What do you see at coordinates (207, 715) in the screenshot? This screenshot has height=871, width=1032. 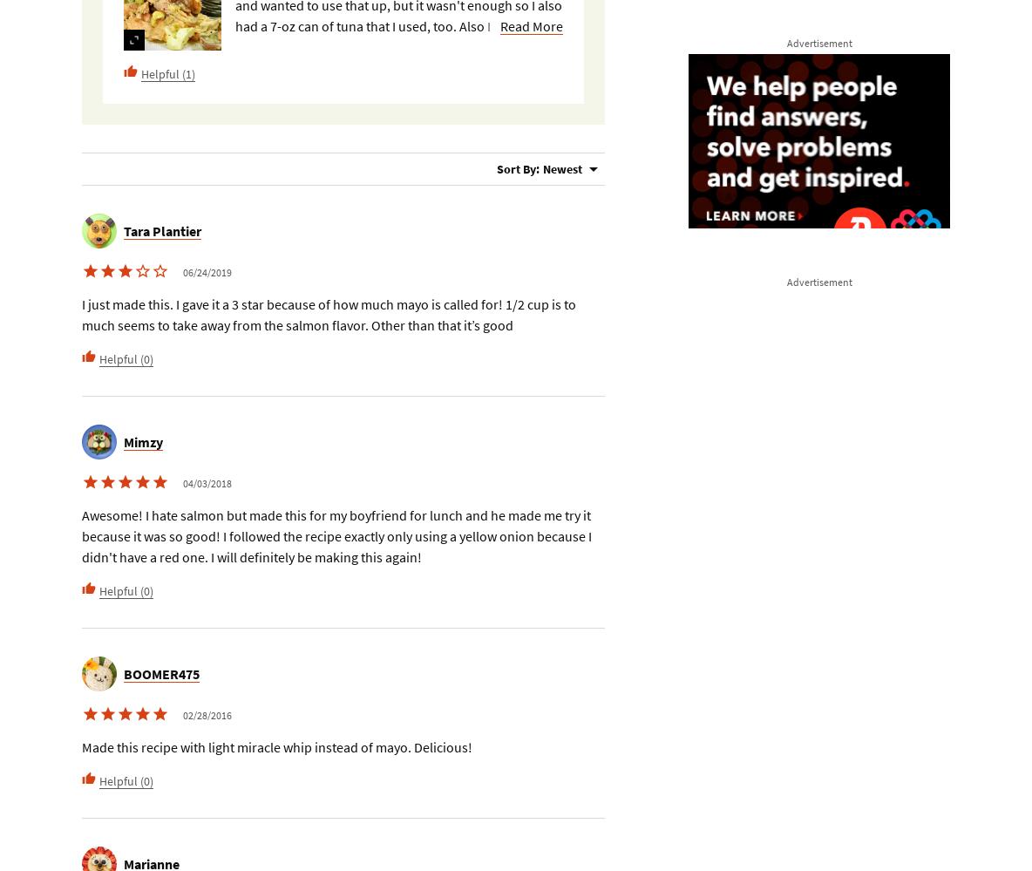 I see `'02/28/2016'` at bounding box center [207, 715].